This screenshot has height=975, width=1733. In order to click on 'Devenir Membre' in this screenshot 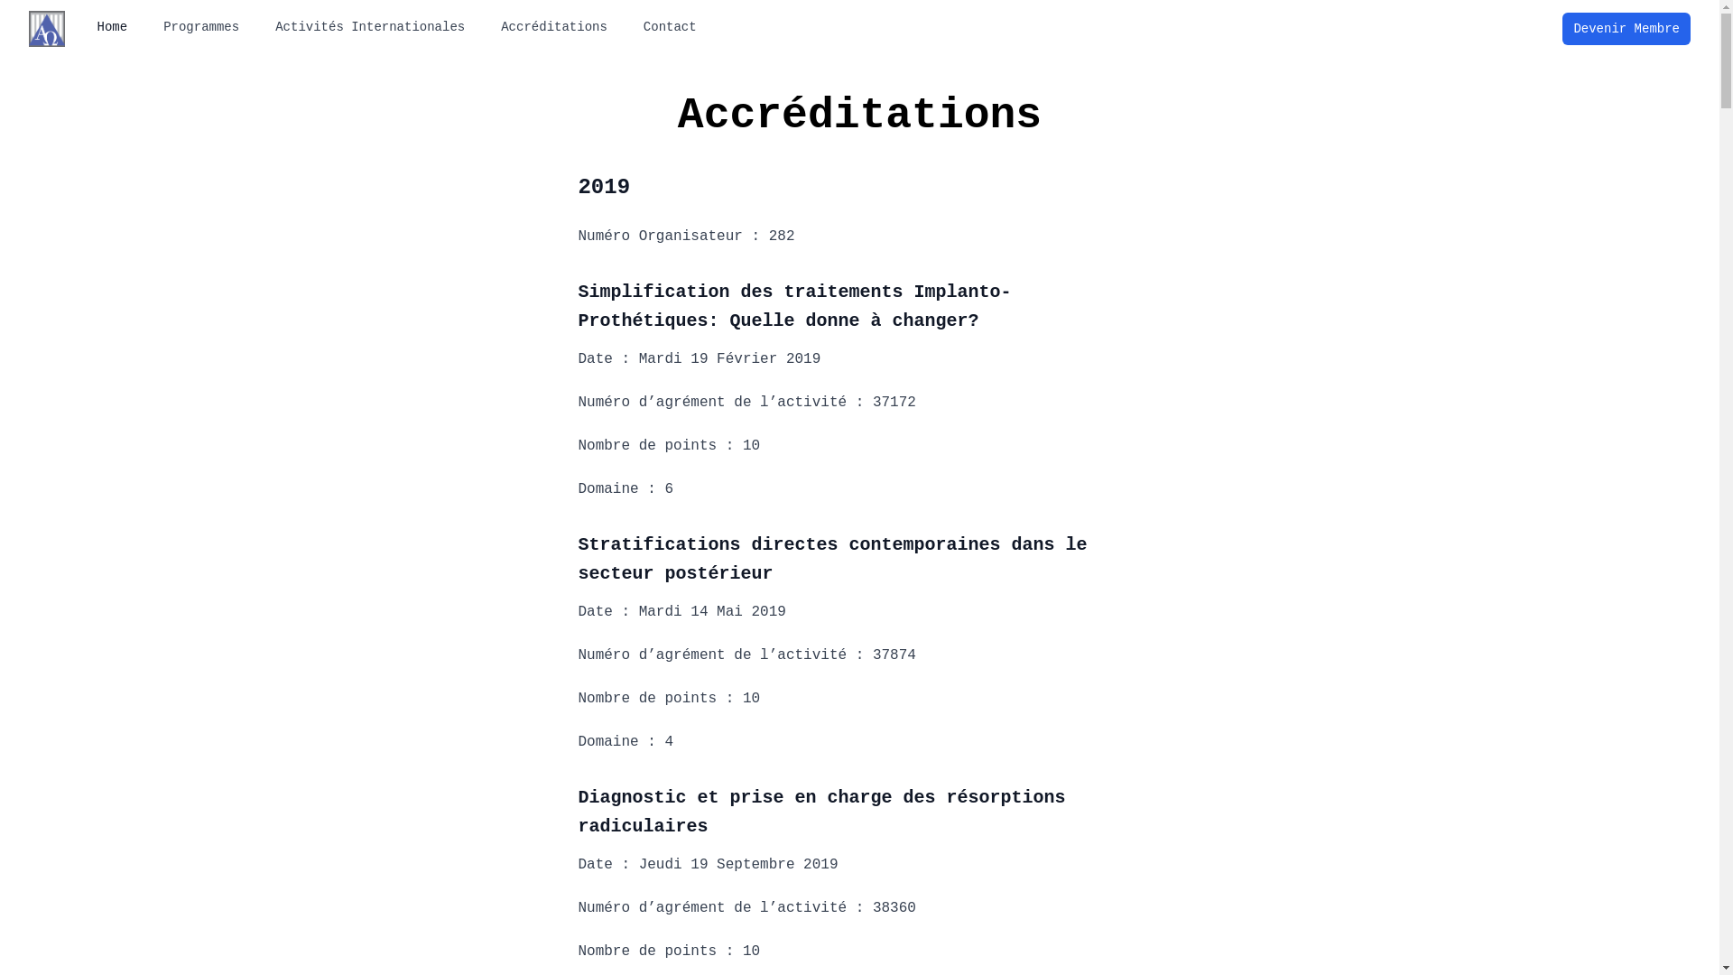, I will do `click(1626, 28)`.